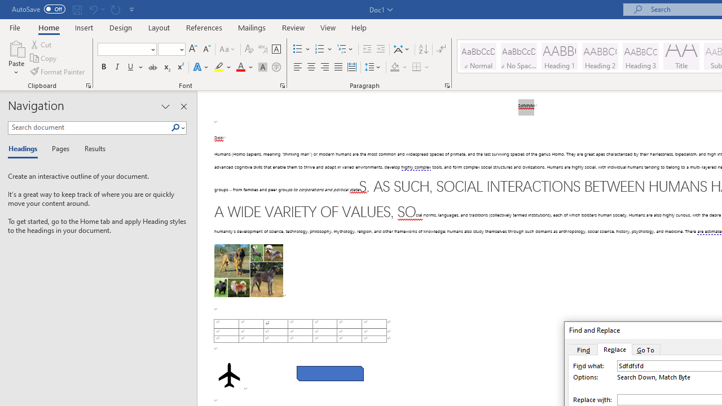 The width and height of the screenshot is (722, 406). Describe the element at coordinates (399, 67) in the screenshot. I see `'Shading'` at that location.